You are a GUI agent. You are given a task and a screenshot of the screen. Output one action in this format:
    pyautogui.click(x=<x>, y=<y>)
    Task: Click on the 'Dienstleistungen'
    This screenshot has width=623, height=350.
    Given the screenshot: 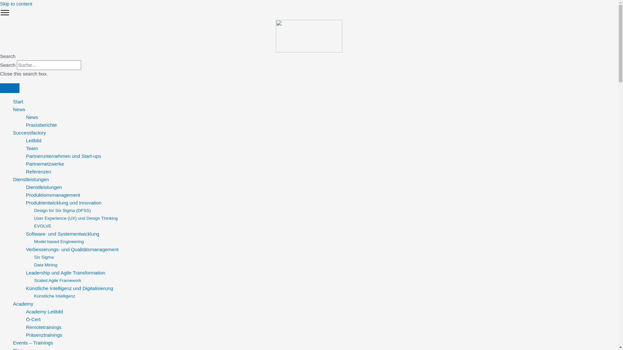 What is the action you would take?
    pyautogui.click(x=31, y=179)
    